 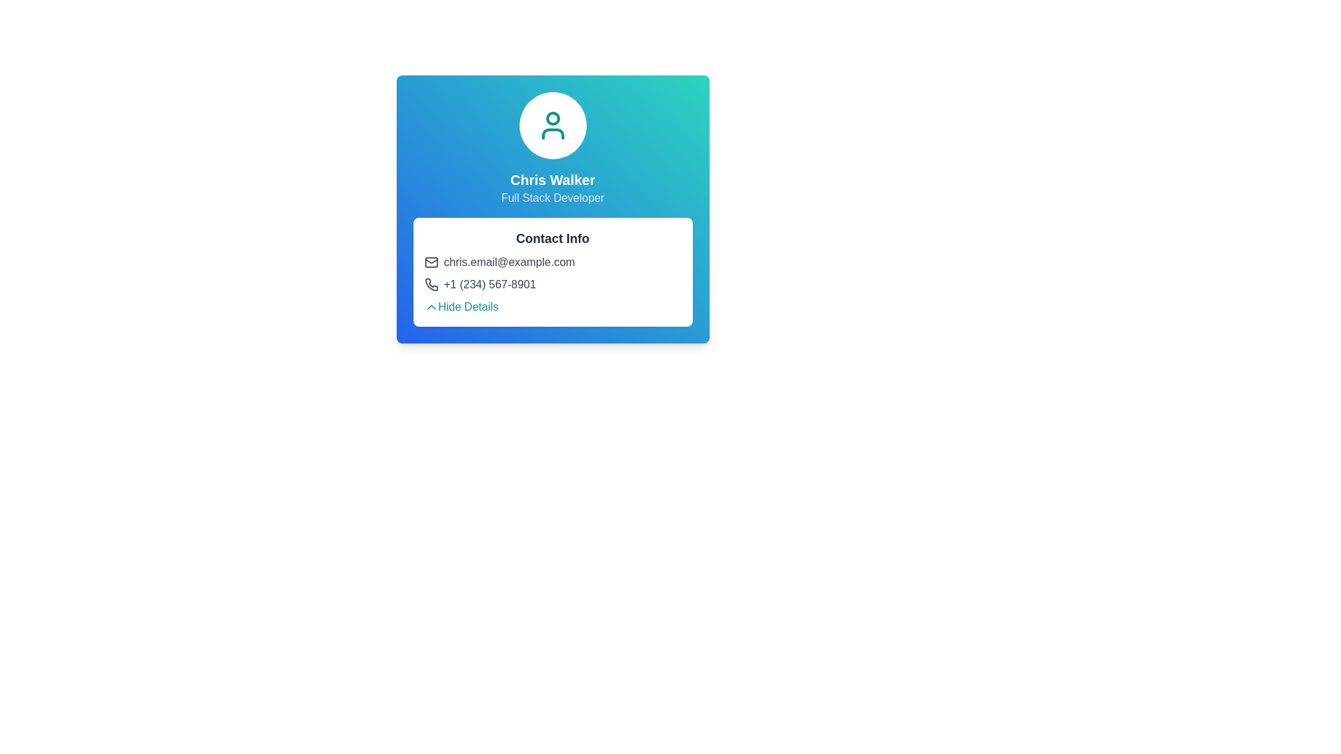 What do you see at coordinates (552, 134) in the screenshot?
I see `the lower semicircular arc of the user profile icon in the SVG component, which is part of the outline of the icon and located near the top center of the blue gradient background card` at bounding box center [552, 134].